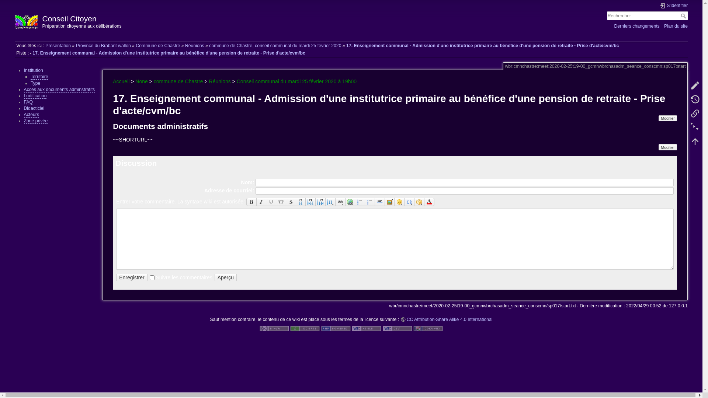 The height and width of the screenshot is (398, 708). Describe the element at coordinates (28, 102) in the screenshot. I see `'FAQ'` at that location.